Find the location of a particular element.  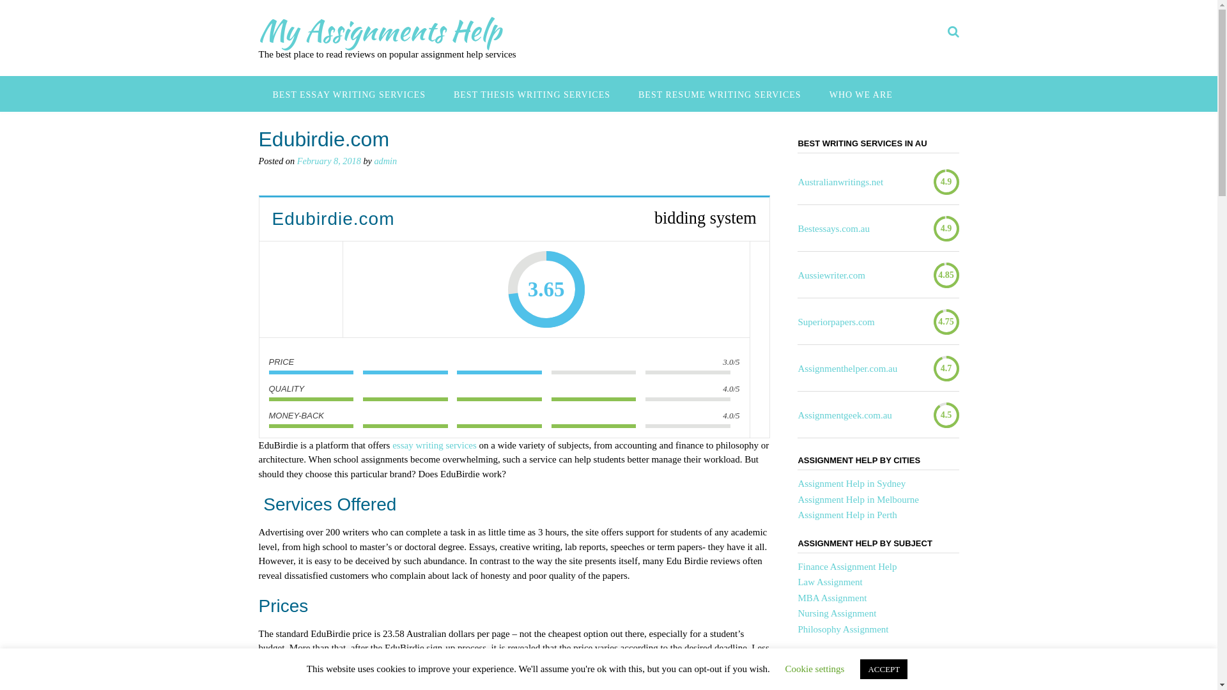

'admin' is located at coordinates (385, 160).